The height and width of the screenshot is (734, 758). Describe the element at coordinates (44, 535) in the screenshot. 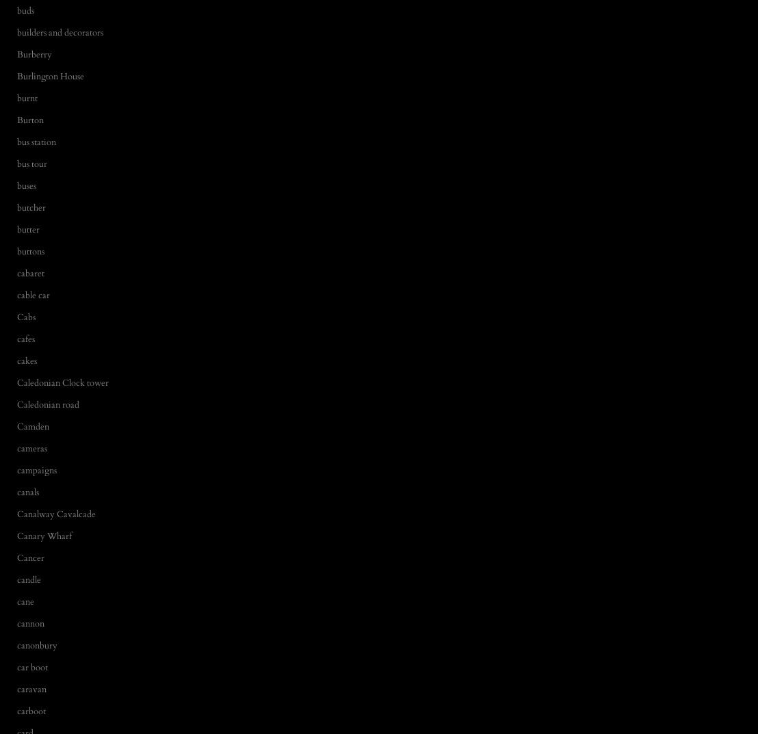

I see `'Canary Wharf'` at that location.